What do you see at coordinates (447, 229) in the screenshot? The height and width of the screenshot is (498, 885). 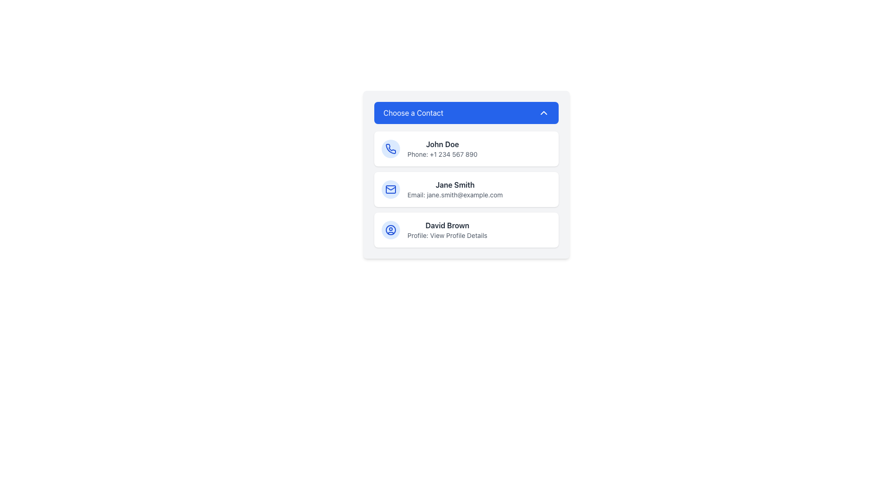 I see `the Text Display element that shows 'David Brown' and 'Profile: View Profile Details', which is the third item in the contact list` at bounding box center [447, 229].